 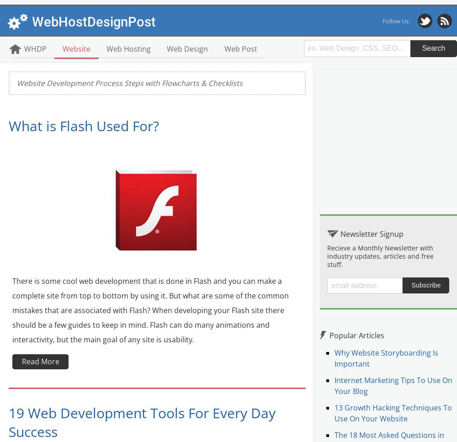 What do you see at coordinates (393, 385) in the screenshot?
I see `'Internet Marketing Tips To Use On Your Blog'` at bounding box center [393, 385].